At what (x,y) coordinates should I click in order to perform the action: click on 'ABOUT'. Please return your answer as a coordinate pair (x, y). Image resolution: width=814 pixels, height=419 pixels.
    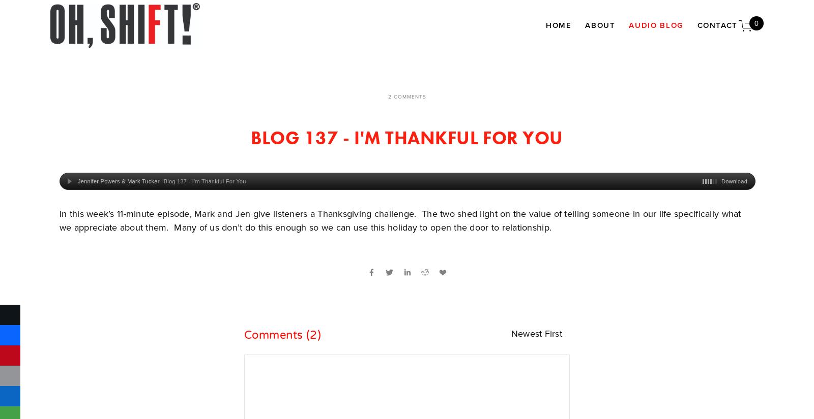
    Looking at the image, I should click on (600, 25).